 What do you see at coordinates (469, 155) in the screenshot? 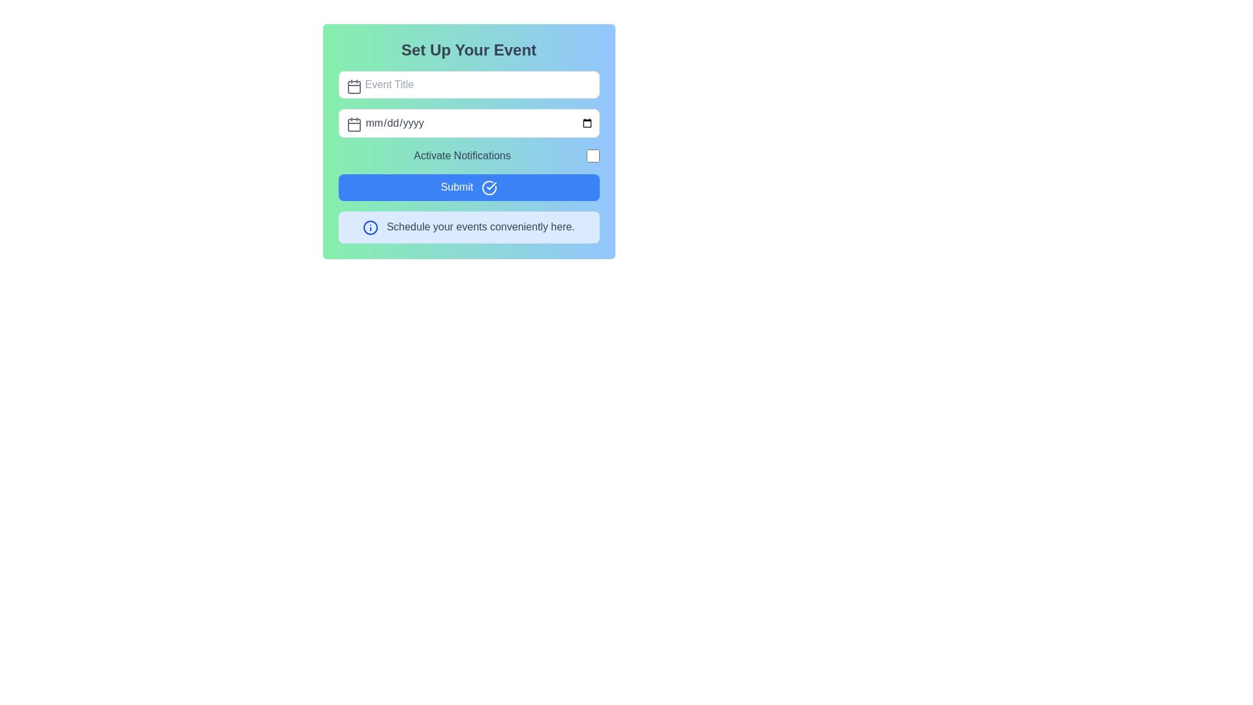
I see `the checkbox labeled 'Activate Notifications'` at bounding box center [469, 155].